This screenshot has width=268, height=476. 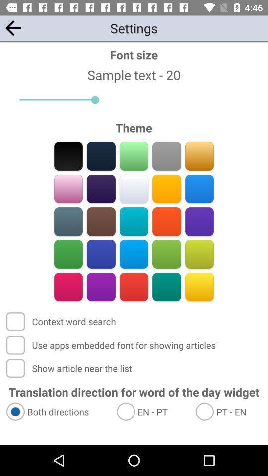 I want to click on the item below translation direction for item, so click(x=57, y=412).